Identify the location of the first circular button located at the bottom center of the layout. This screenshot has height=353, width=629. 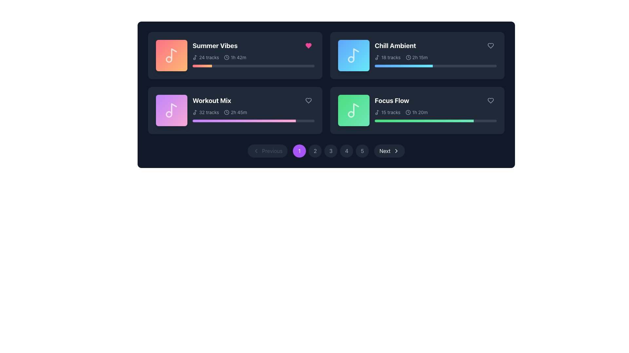
(299, 151).